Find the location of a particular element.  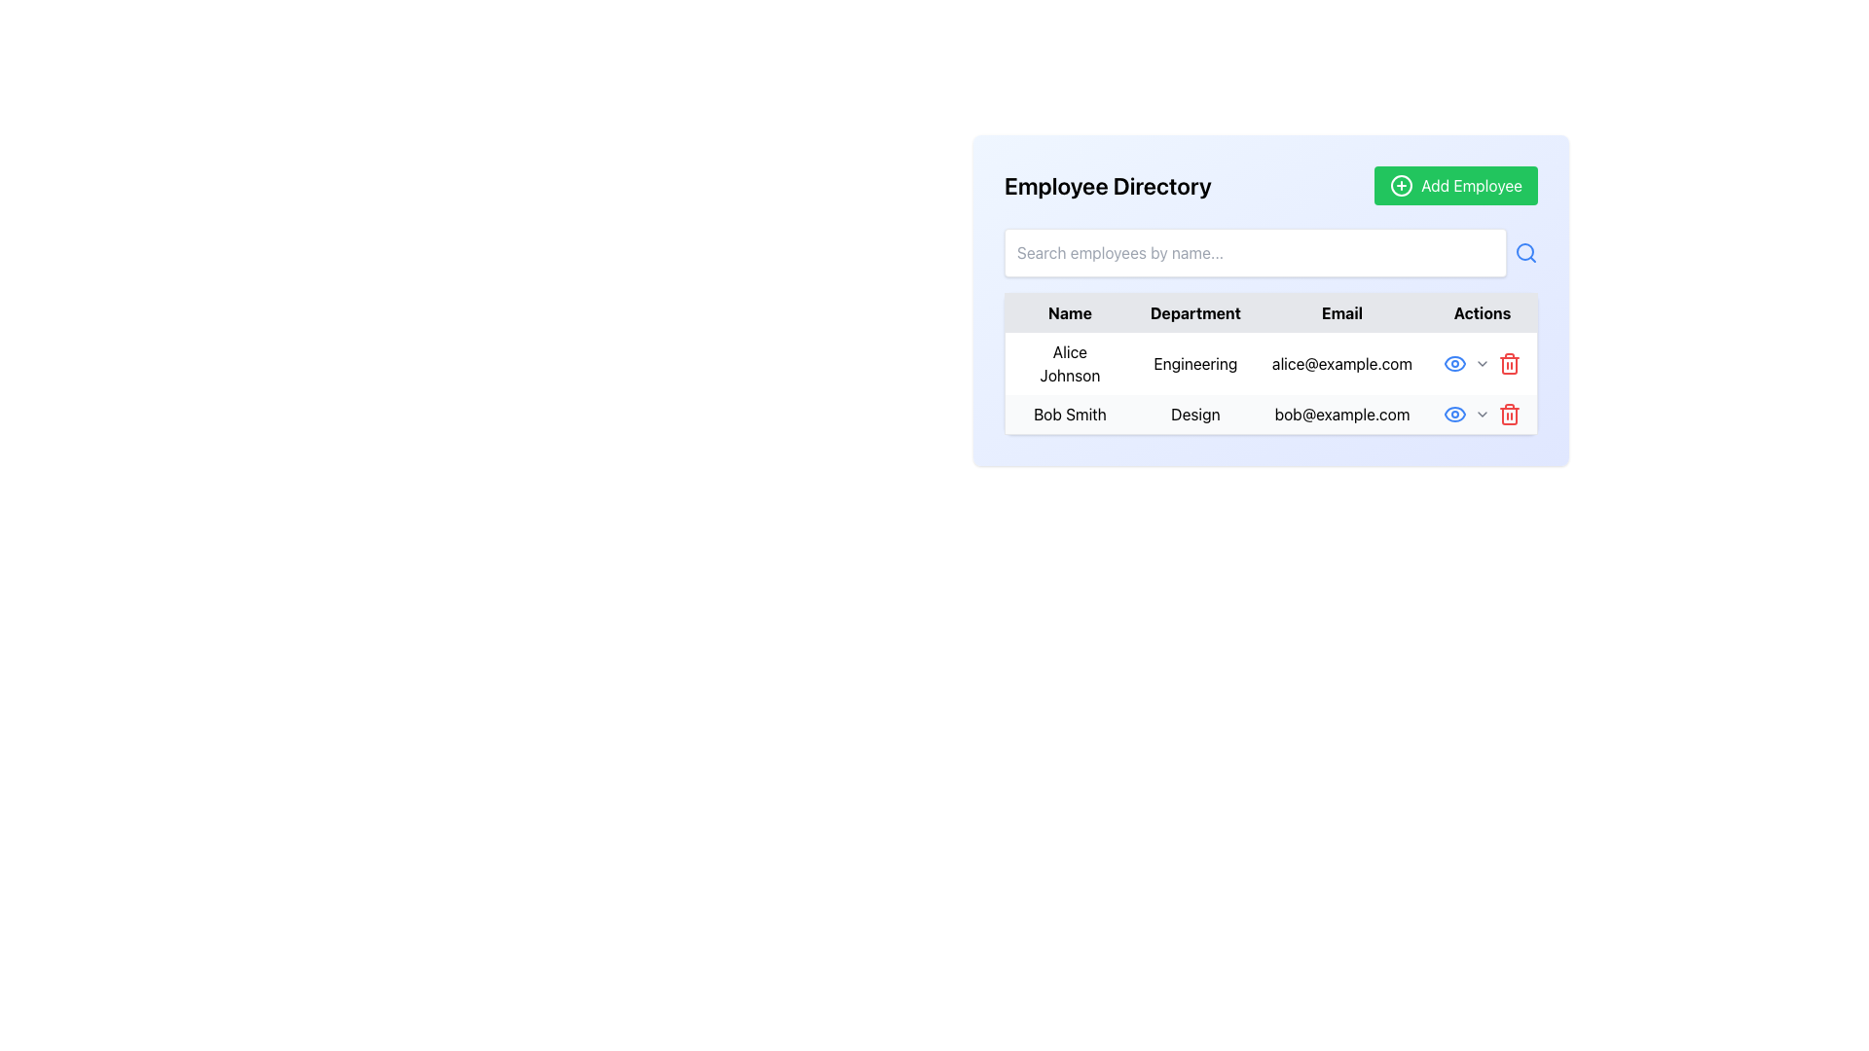

the search button located at the top-right corner of the search input field to initiate a search action is located at coordinates (1525, 251).